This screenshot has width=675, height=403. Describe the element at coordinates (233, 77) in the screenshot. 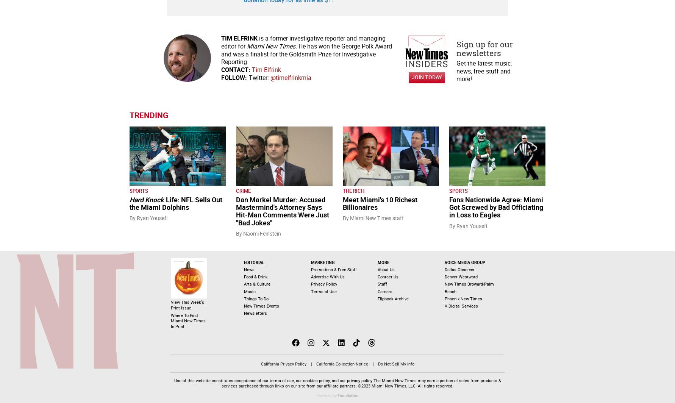

I see `'Follow:'` at that location.